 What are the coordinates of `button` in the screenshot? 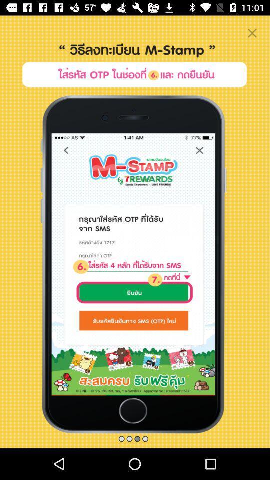 It's located at (251, 33).